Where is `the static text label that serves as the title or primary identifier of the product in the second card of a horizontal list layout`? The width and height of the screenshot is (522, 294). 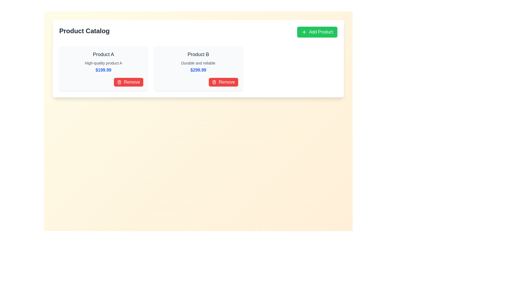 the static text label that serves as the title or primary identifier of the product in the second card of a horizontal list layout is located at coordinates (198, 54).